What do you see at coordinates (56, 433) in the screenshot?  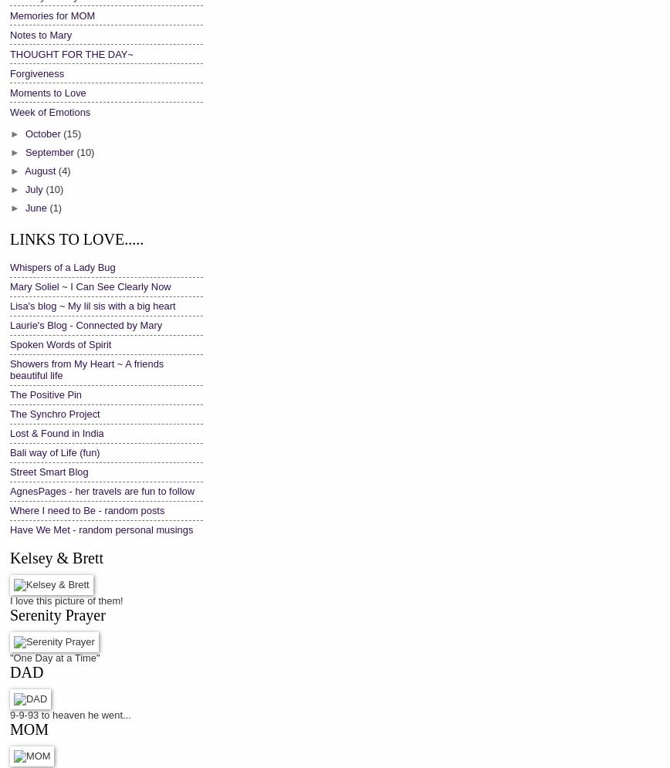 I see `'Lost & Found in India'` at bounding box center [56, 433].